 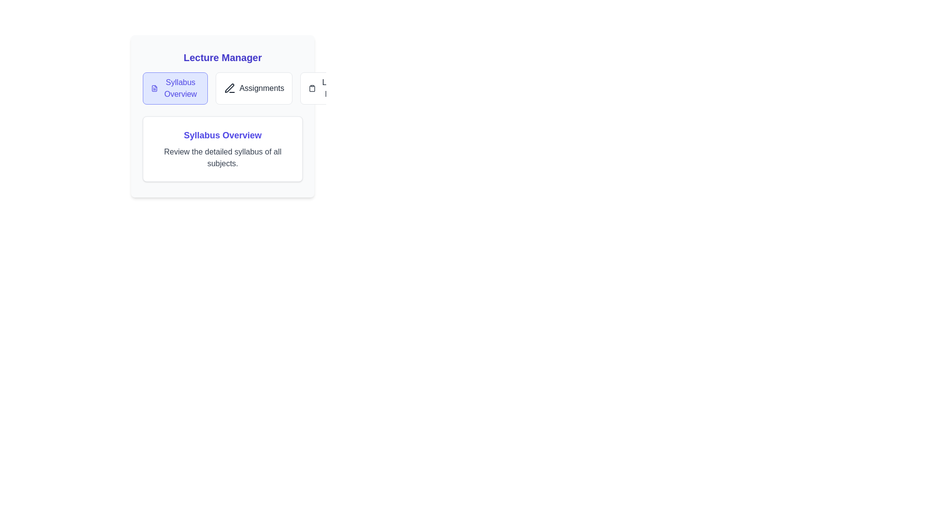 I want to click on the navigational button located on the far right of the horizontal menu group, following 'Lecture Notes', so click(x=403, y=88).